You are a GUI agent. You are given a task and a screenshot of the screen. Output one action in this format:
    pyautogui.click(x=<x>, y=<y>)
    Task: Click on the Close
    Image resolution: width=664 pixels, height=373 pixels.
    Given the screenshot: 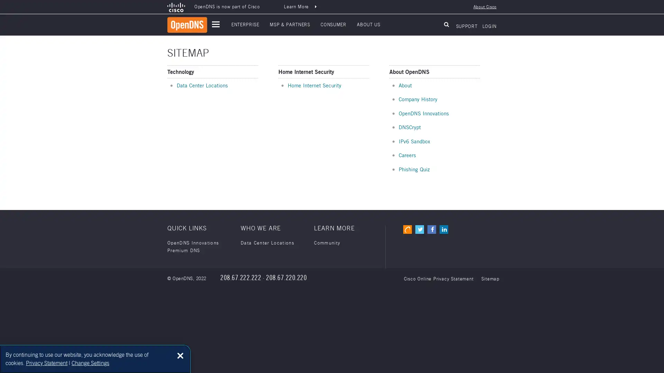 What is the action you would take?
    pyautogui.click(x=180, y=355)
    